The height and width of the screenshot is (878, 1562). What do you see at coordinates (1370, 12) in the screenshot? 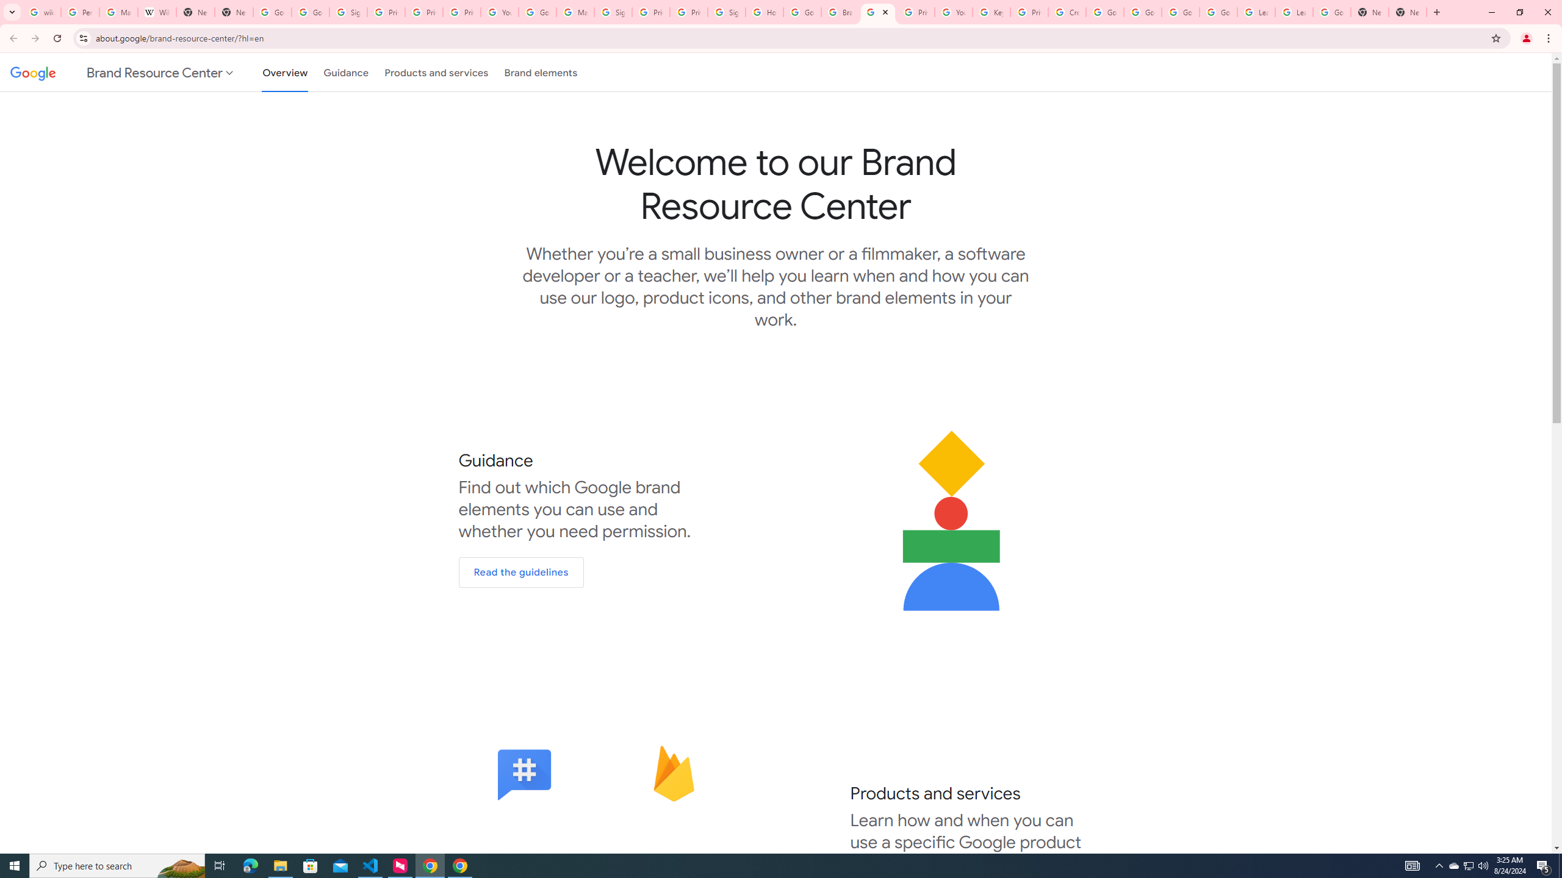
I see `'New Tab'` at bounding box center [1370, 12].